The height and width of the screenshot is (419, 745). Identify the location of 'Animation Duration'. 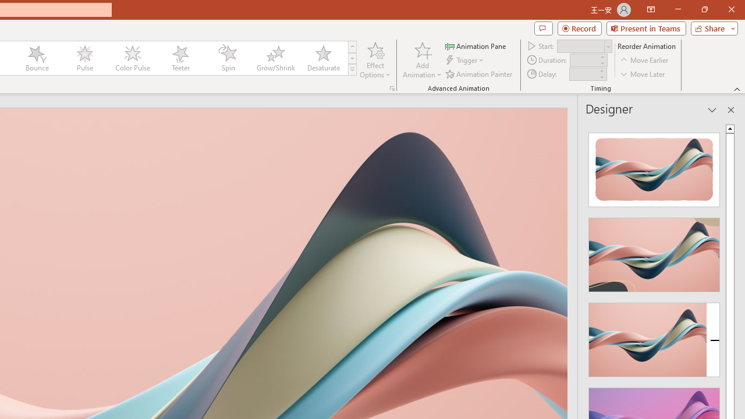
(584, 60).